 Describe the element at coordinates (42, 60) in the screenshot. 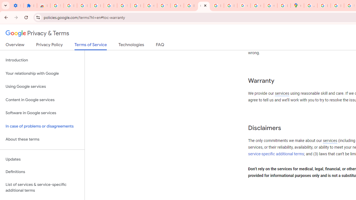

I see `'Introduction'` at that location.